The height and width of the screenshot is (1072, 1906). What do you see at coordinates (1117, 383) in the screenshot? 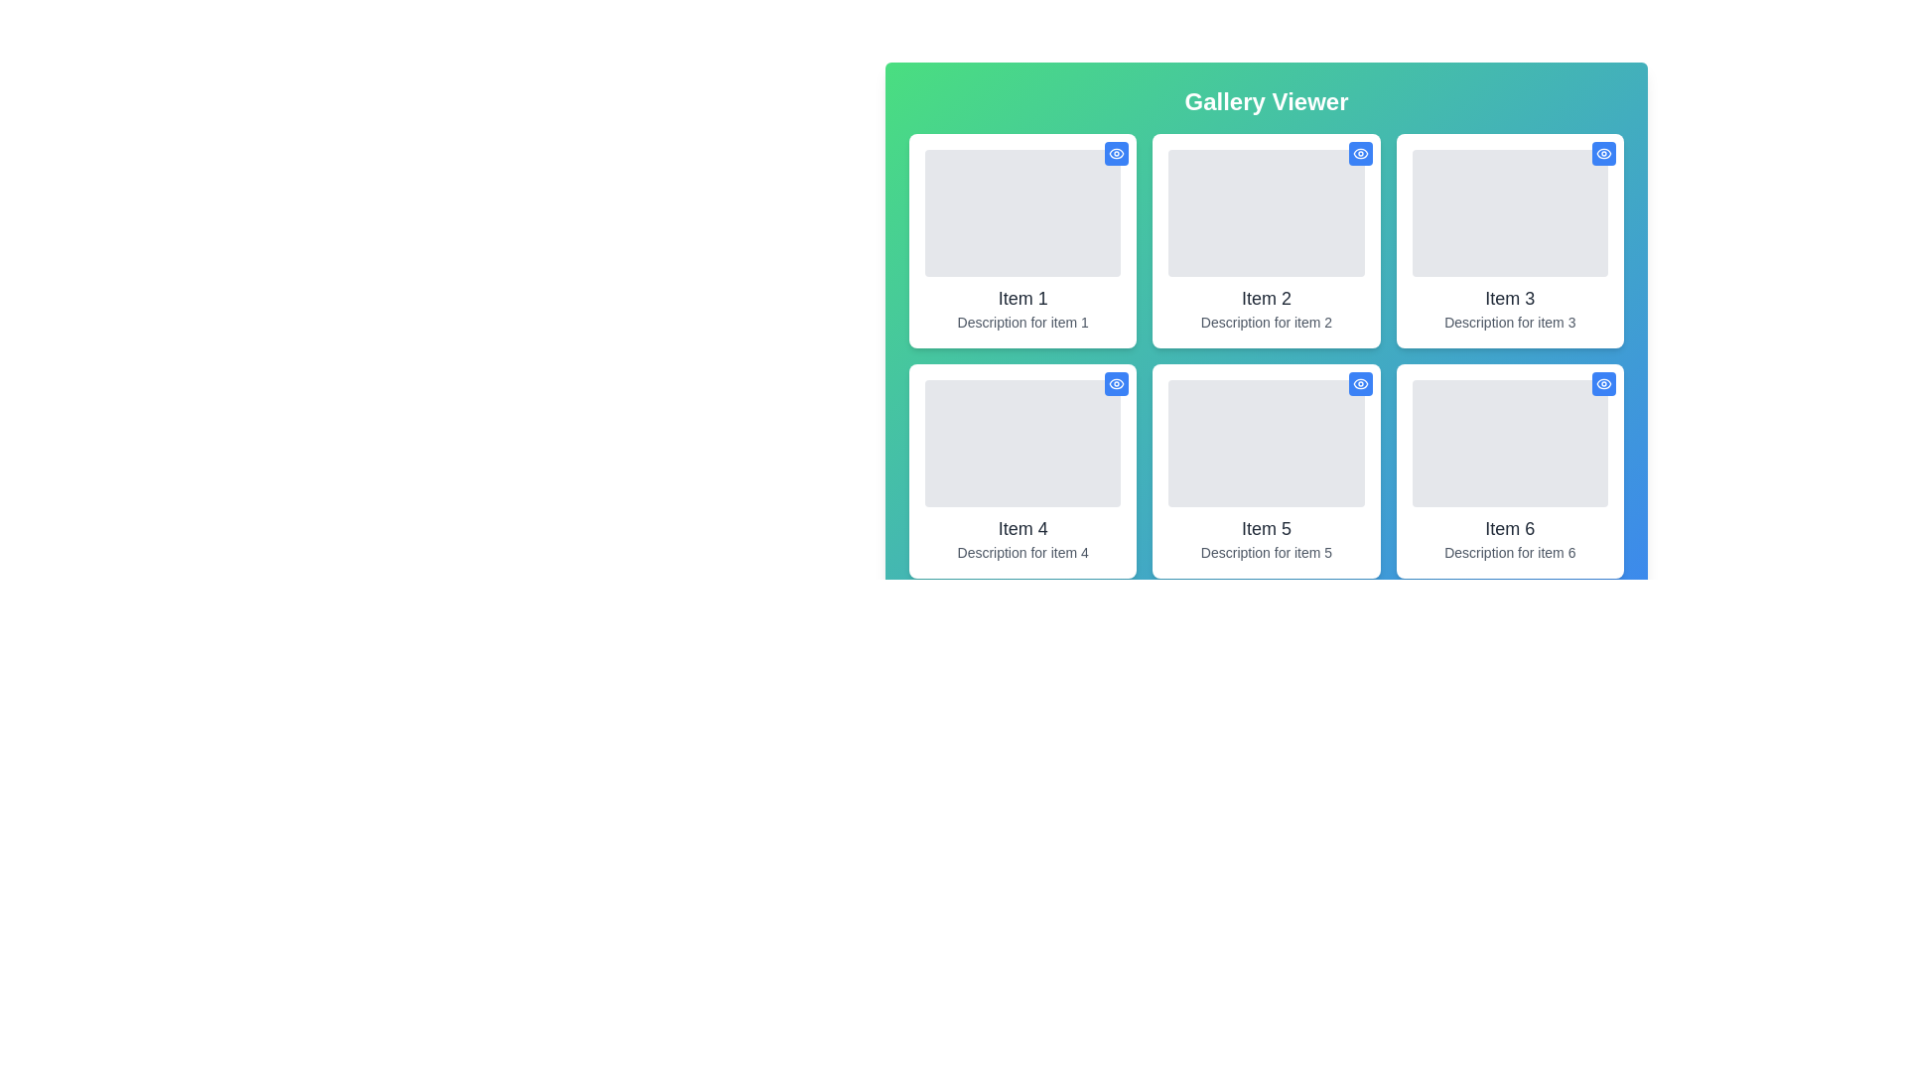
I see `the small rounded square button with a blue background and a white eye icon located in the top-right corner of the 'Item 4' card` at bounding box center [1117, 383].